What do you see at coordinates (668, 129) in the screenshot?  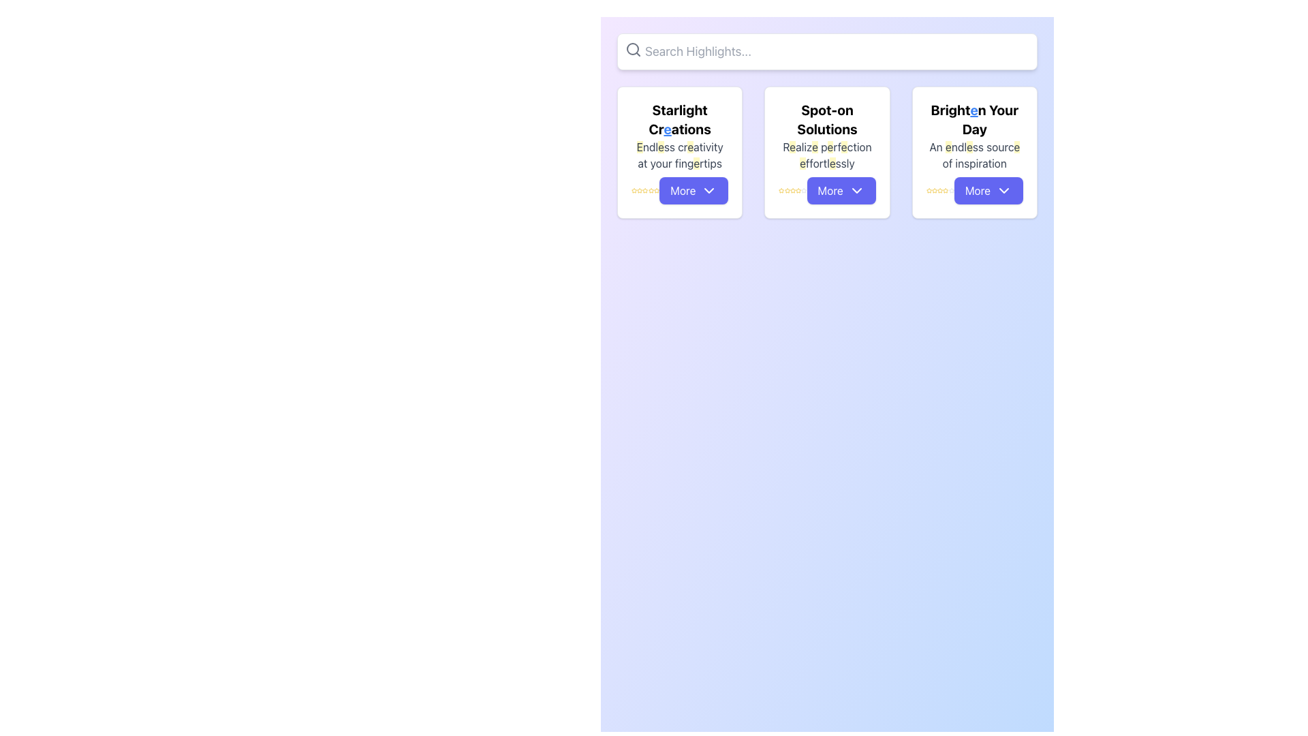 I see `the styled text that forms part of the title 'Starlight Creations'` at bounding box center [668, 129].